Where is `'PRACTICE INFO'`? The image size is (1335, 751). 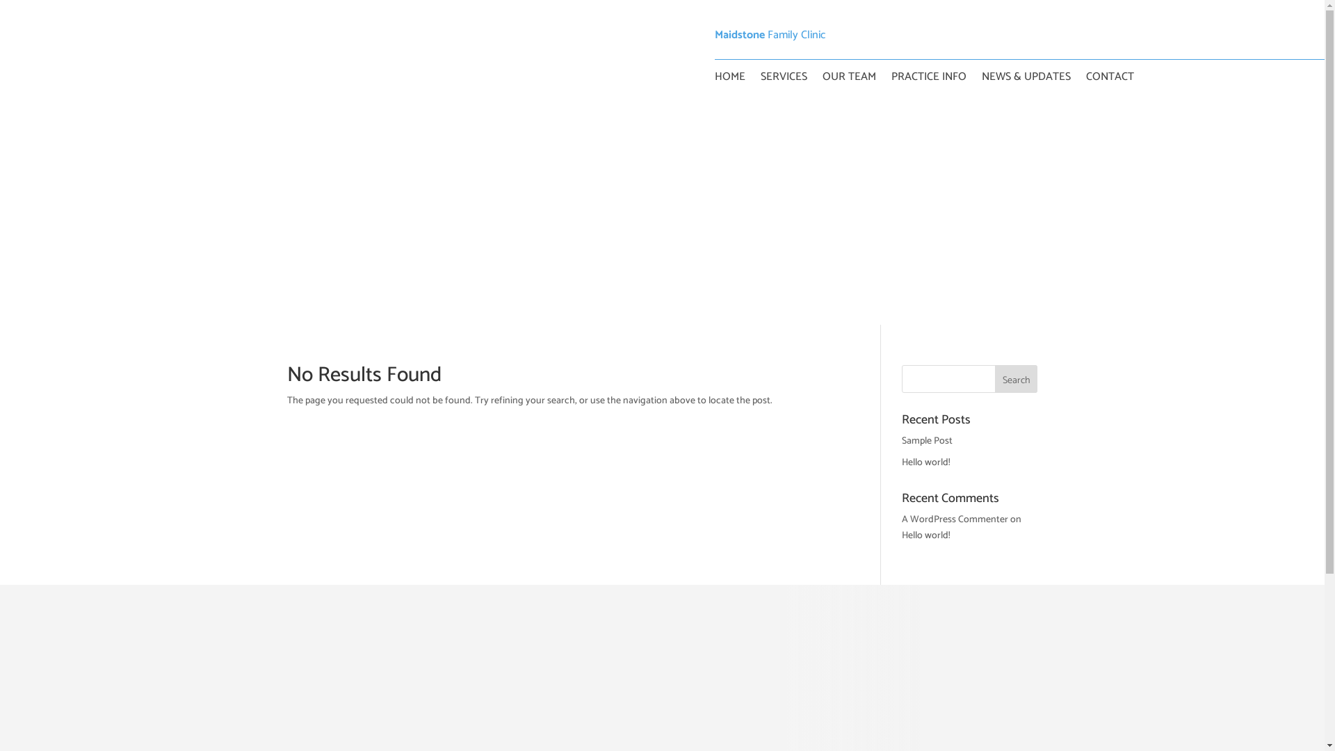
'PRACTICE INFO' is located at coordinates (928, 80).